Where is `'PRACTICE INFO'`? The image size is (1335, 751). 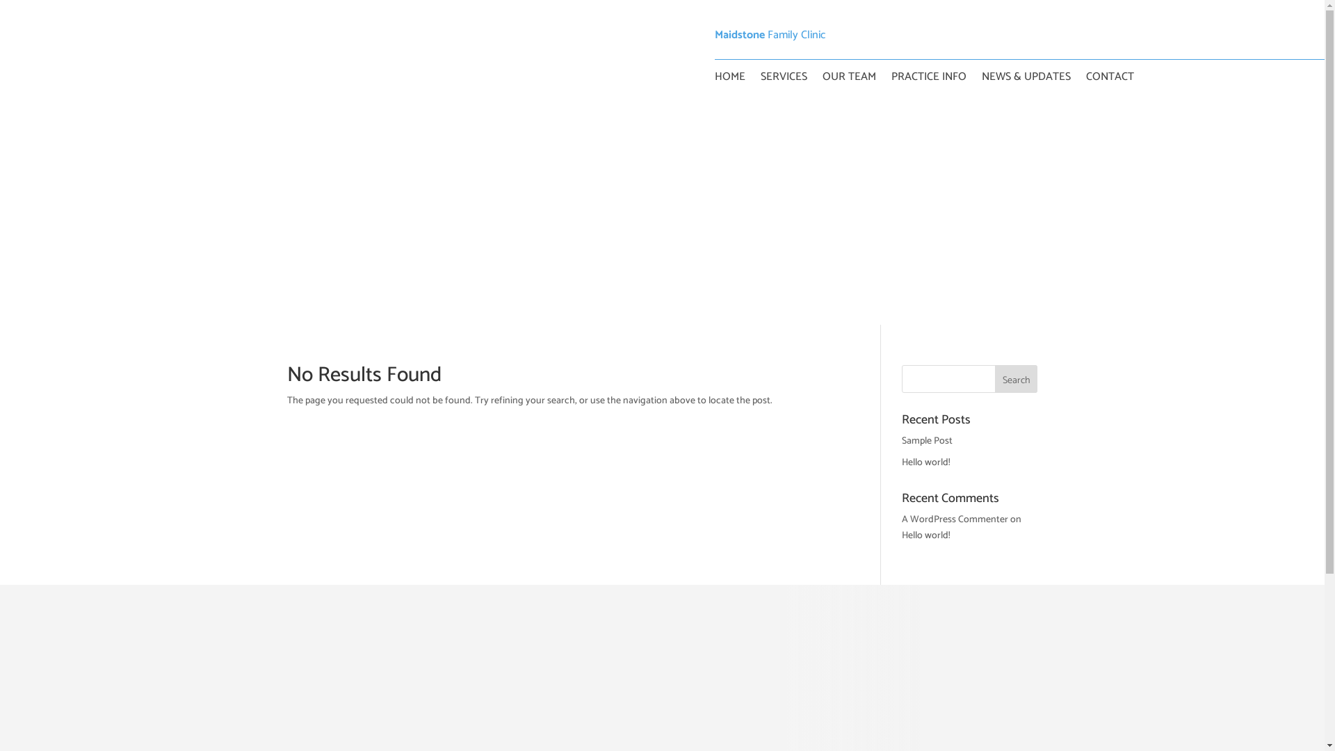
'PRACTICE INFO' is located at coordinates (928, 80).